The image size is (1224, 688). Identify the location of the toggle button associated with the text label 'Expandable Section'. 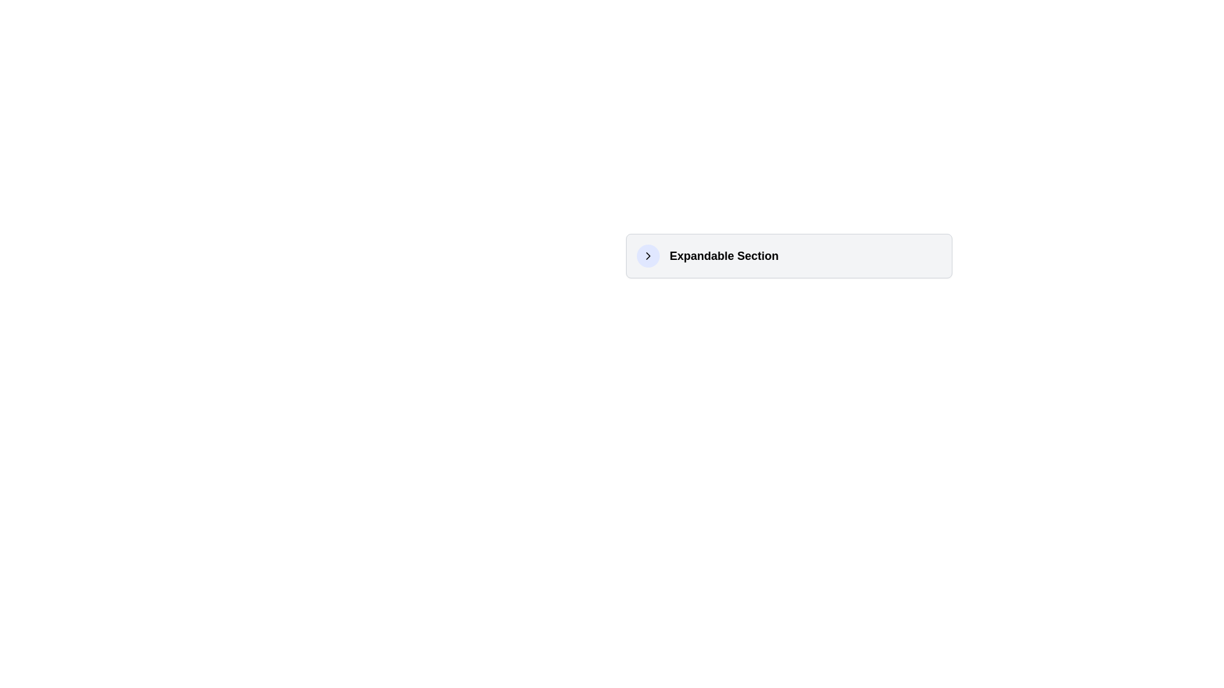
(648, 255).